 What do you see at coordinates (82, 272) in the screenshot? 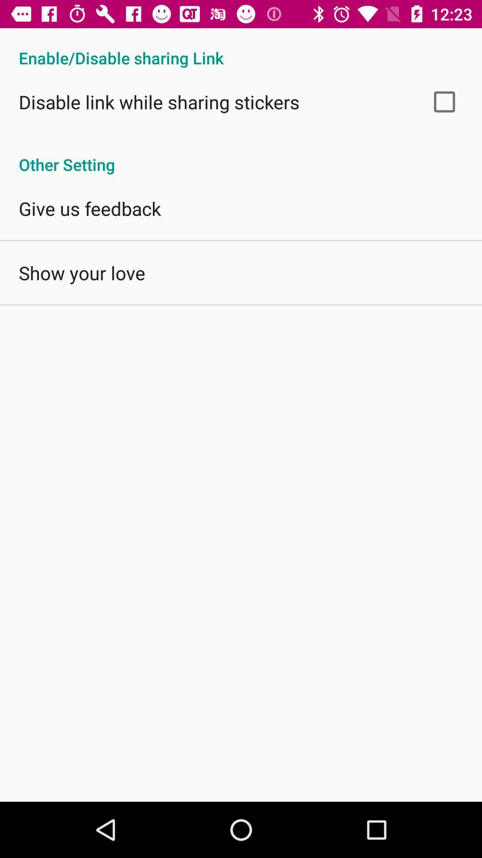
I see `show your love app` at bounding box center [82, 272].